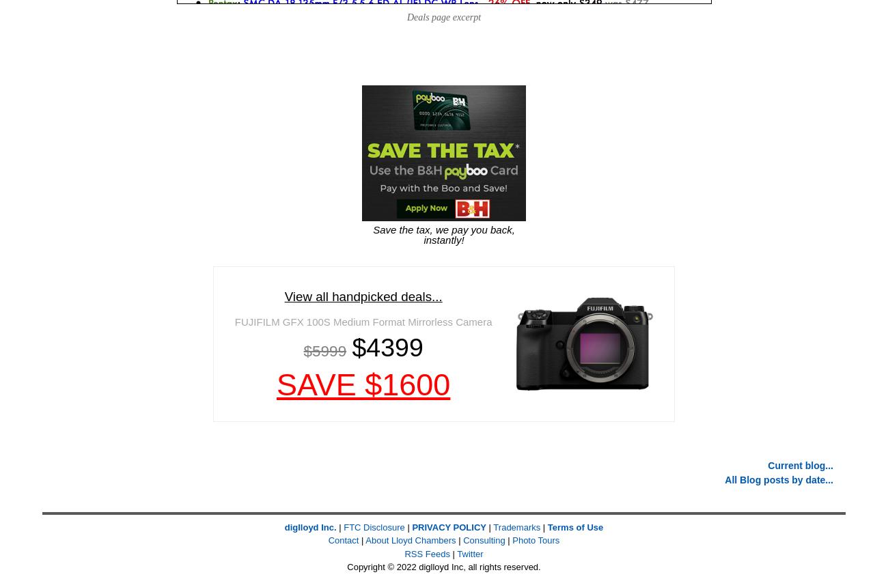 This screenshot has height=579, width=888. Describe the element at coordinates (343, 539) in the screenshot. I see `'Contact'` at that location.